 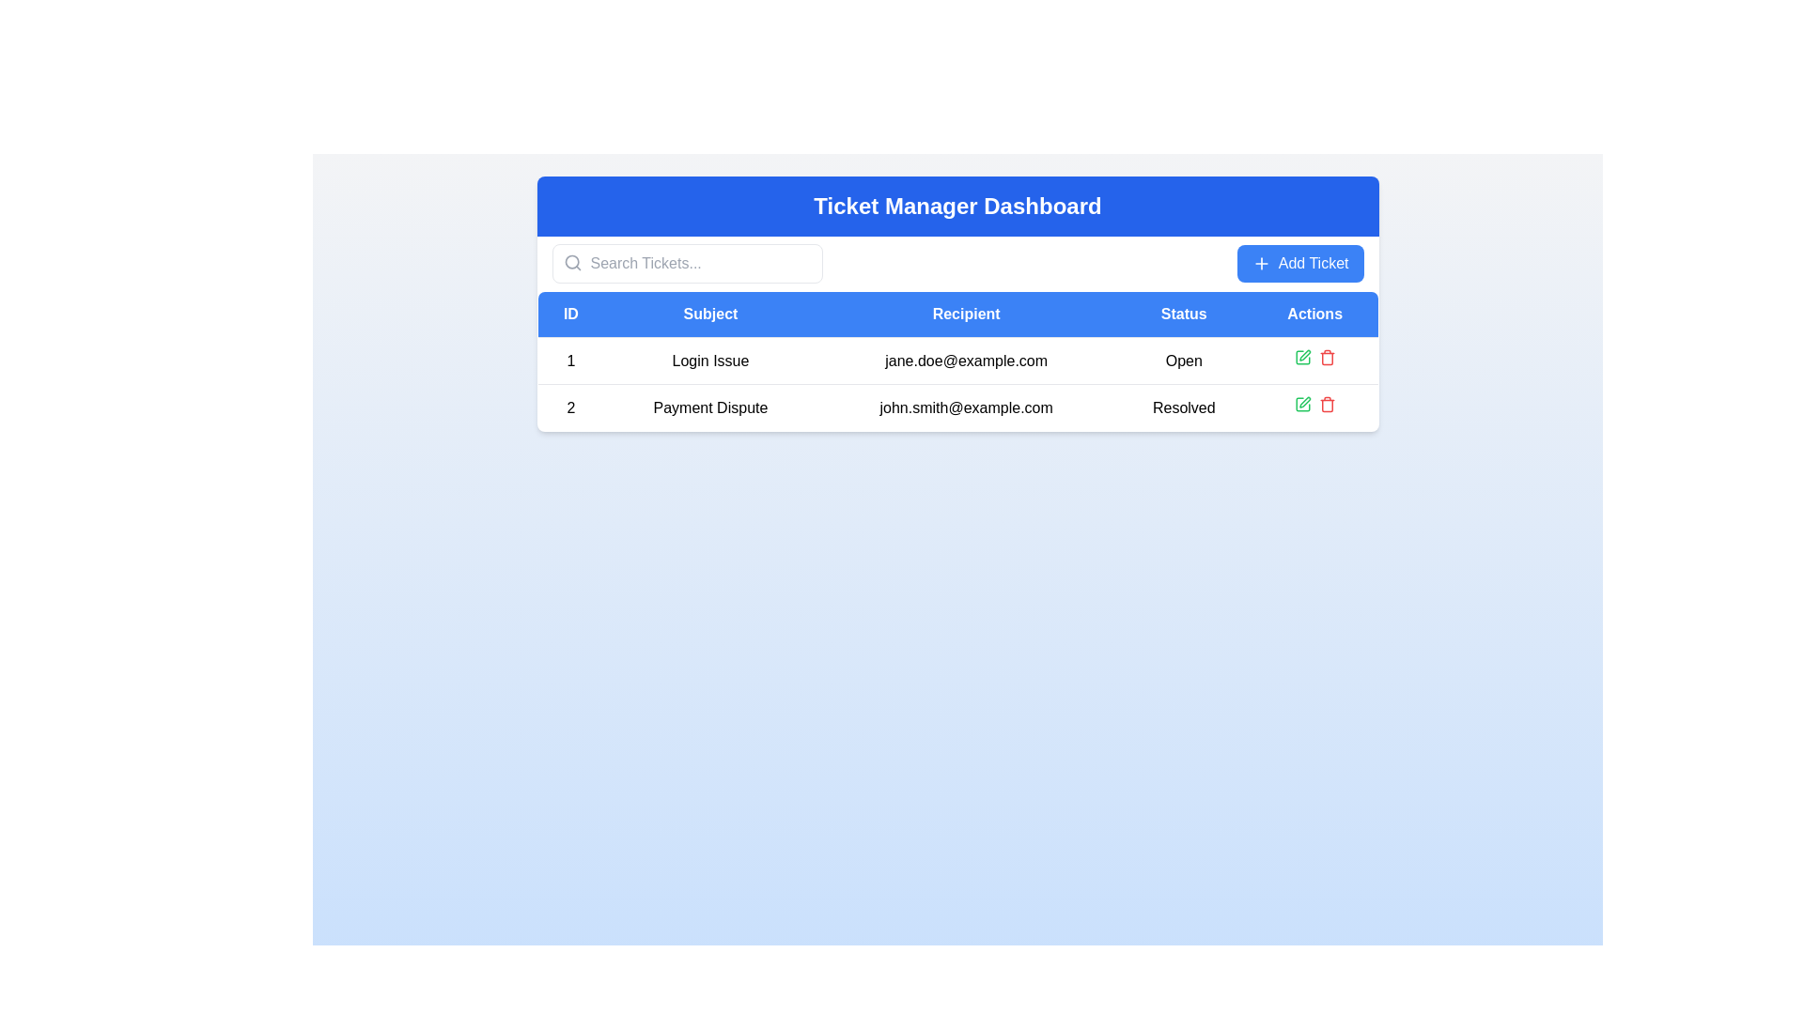 I want to click on the static text label '1' in the first cell of the 'ID' column within the table, located near the upper section of the page under the title and search bar, so click(x=569, y=361).